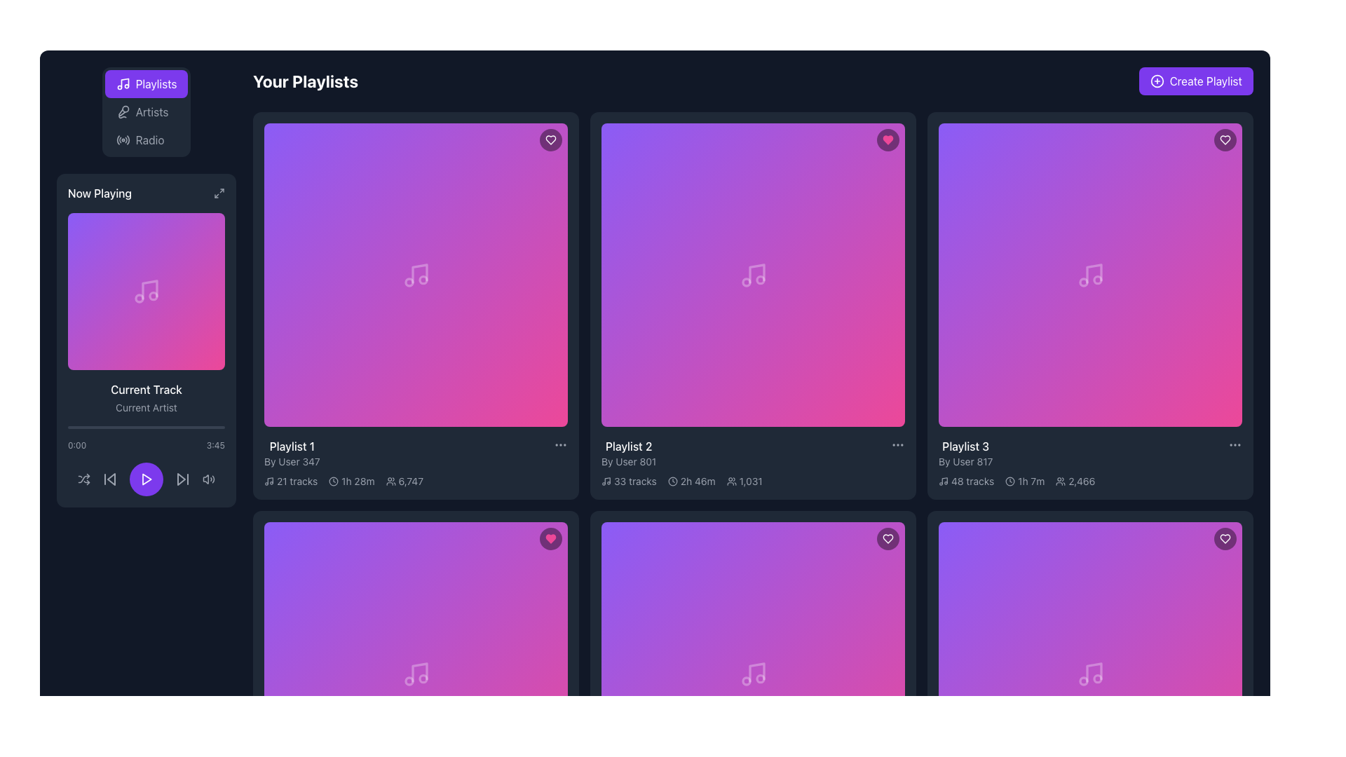 This screenshot has width=1346, height=757. I want to click on the shuffle play button located at the bottom-left corner of the application interface, which is the first icon from the left in the playback controls bar, so click(83, 478).